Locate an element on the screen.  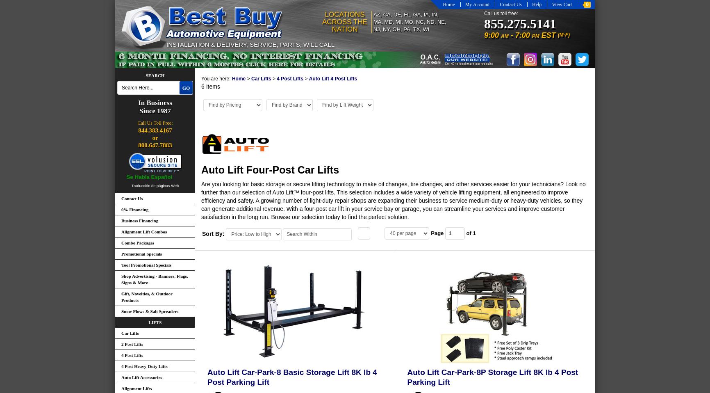
'Lifts' is located at coordinates (154, 322).